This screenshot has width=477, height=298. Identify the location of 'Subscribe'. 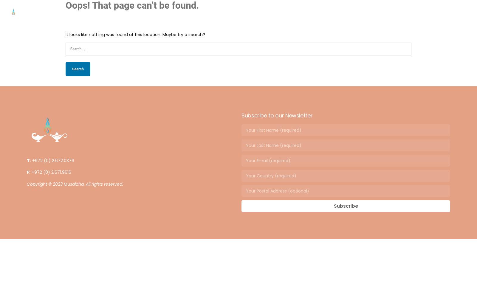
(346, 206).